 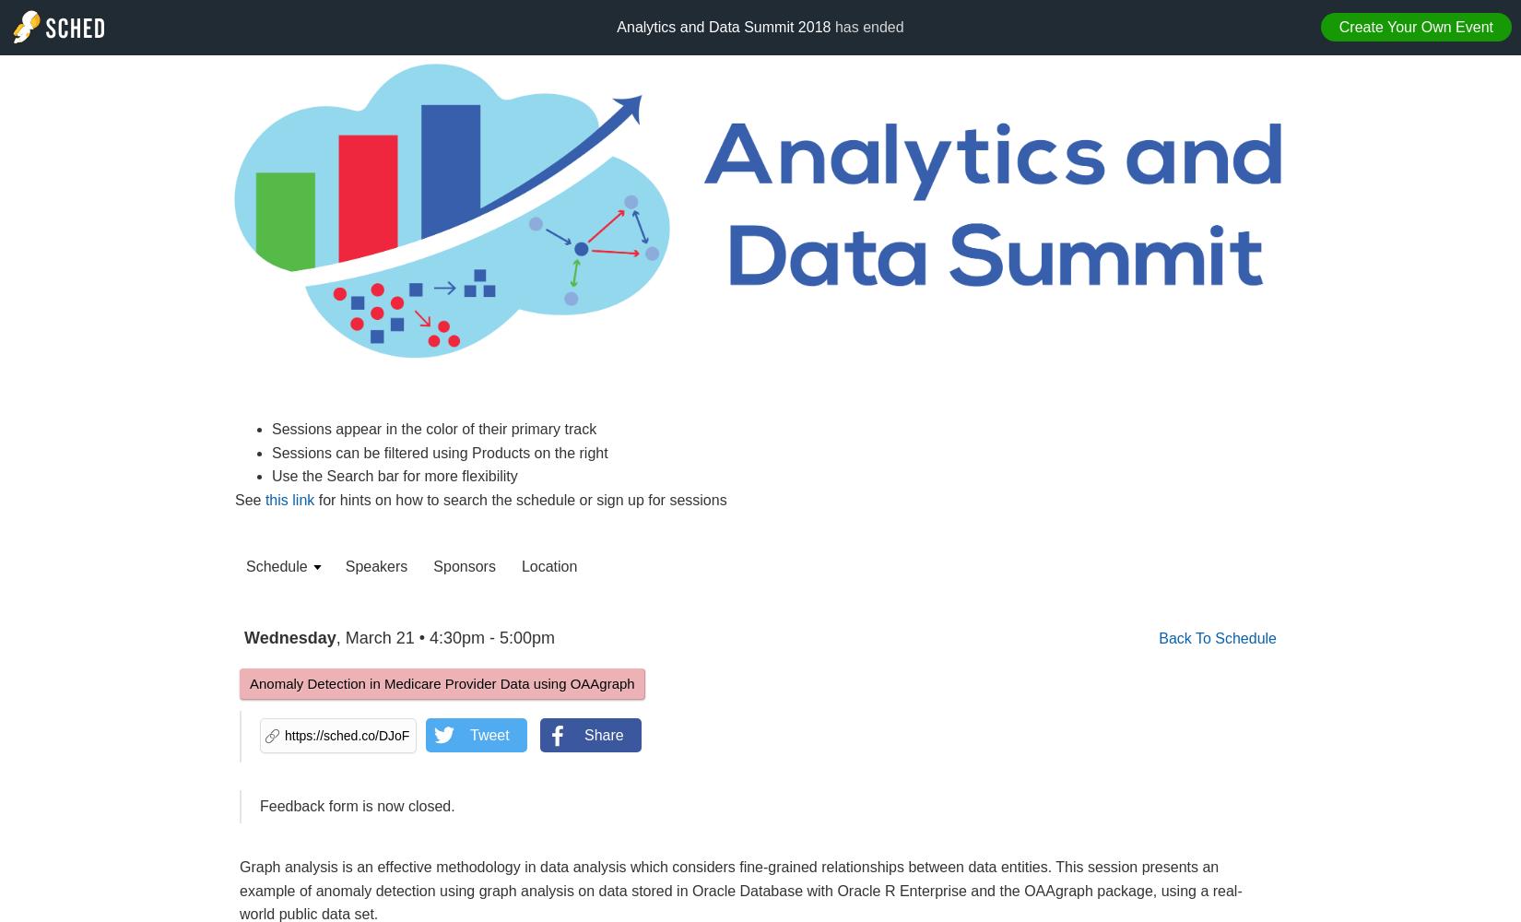 What do you see at coordinates (443, 637) in the screenshot?
I see `', March 21 •
       4:30pm -  5:00pm'` at bounding box center [443, 637].